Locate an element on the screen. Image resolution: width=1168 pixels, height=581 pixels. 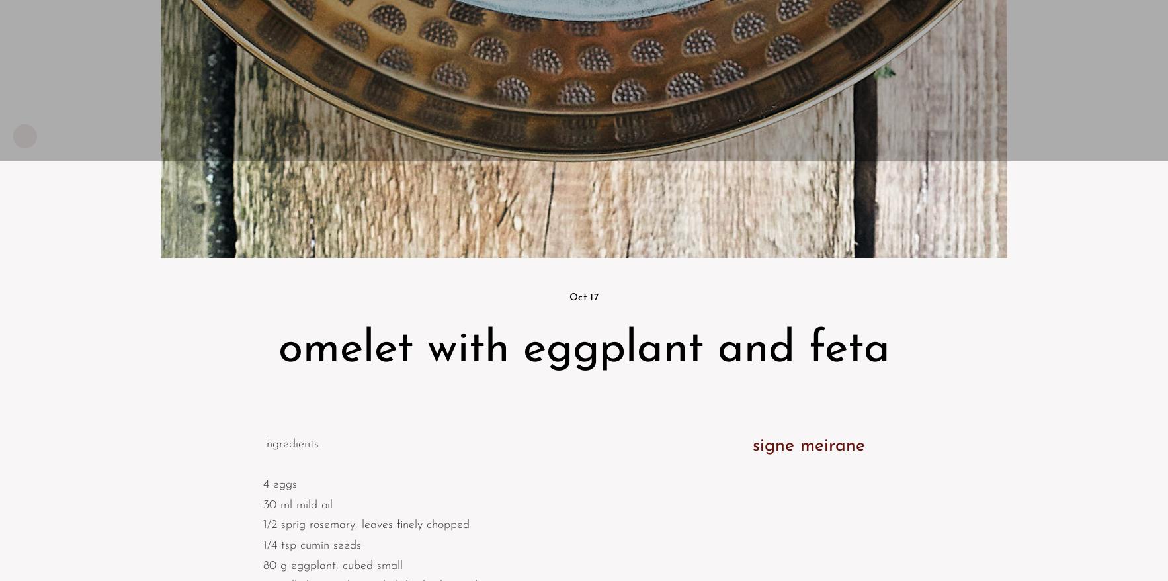
'Oct' is located at coordinates (579, 296).